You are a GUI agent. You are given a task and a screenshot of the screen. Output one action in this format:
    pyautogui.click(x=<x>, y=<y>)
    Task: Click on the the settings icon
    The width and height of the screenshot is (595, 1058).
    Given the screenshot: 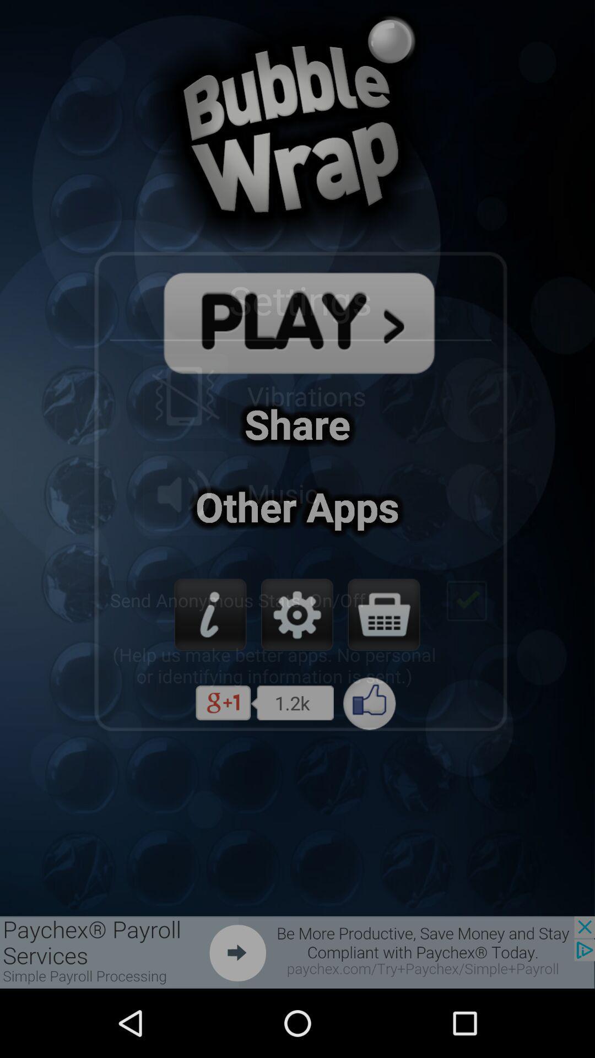 What is the action you would take?
    pyautogui.click(x=296, y=658)
    